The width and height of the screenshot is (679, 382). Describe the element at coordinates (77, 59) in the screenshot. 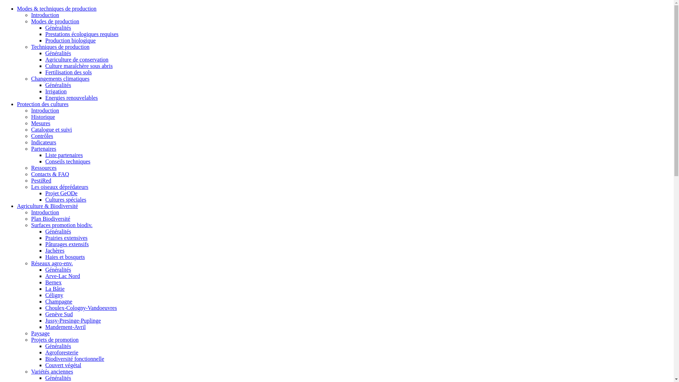

I see `'Agriculture de conservation'` at that location.